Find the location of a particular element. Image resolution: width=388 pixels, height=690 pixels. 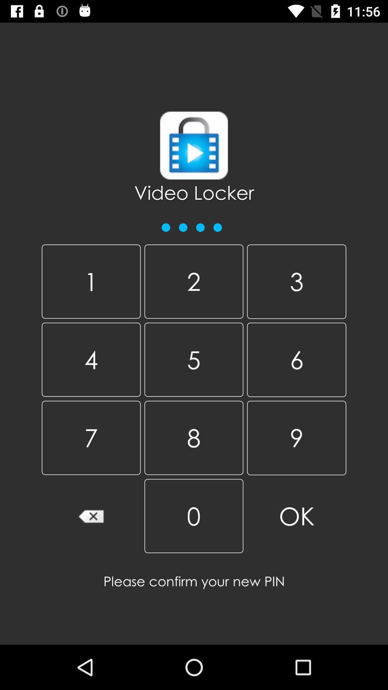

backspace is located at coordinates (91, 515).